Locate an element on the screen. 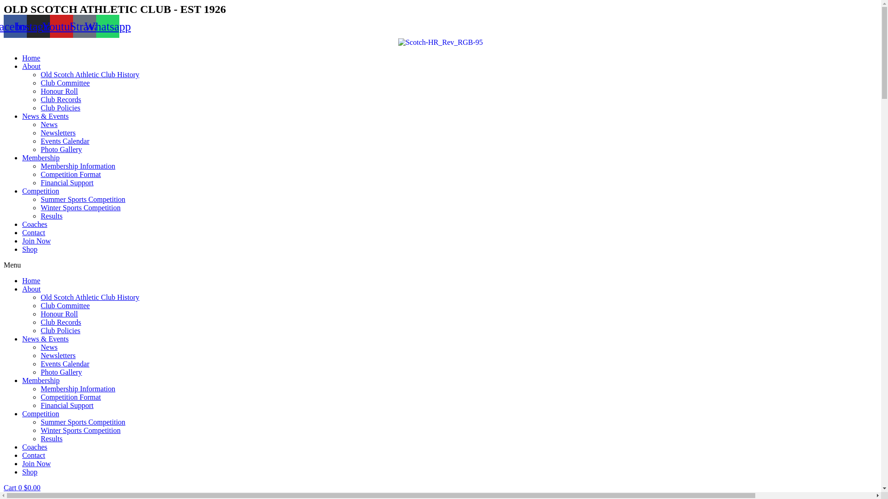 This screenshot has height=499, width=888. 'Skip to content' is located at coordinates (3, 3).